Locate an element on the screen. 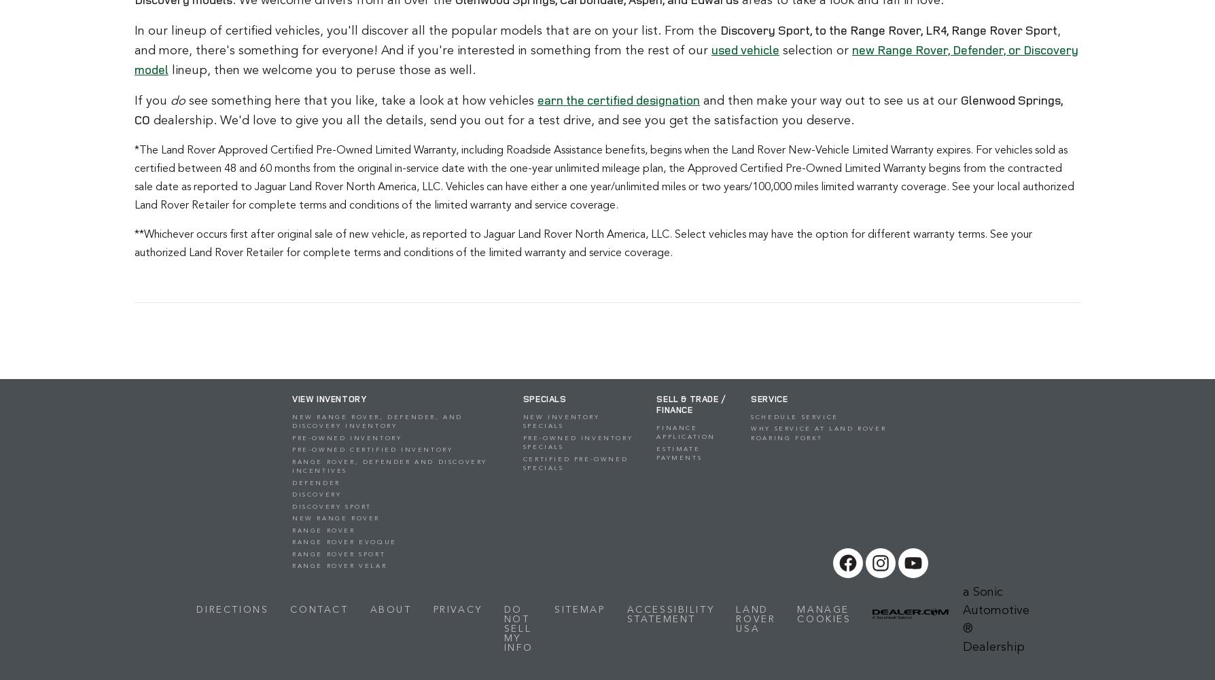 This screenshot has height=680, width=1215. 'lineup, then we welcome you to peruse those
as well.' is located at coordinates (321, 69).